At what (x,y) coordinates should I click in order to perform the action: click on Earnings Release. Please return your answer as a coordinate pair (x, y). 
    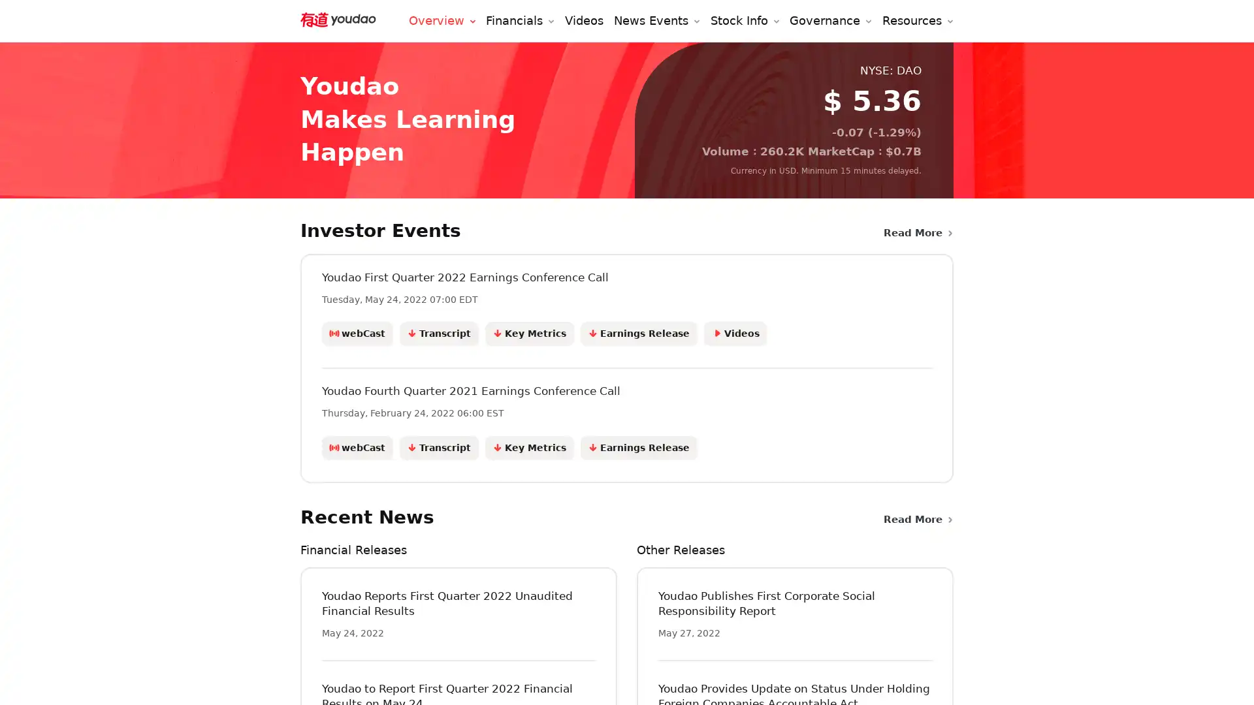
    Looking at the image, I should click on (639, 333).